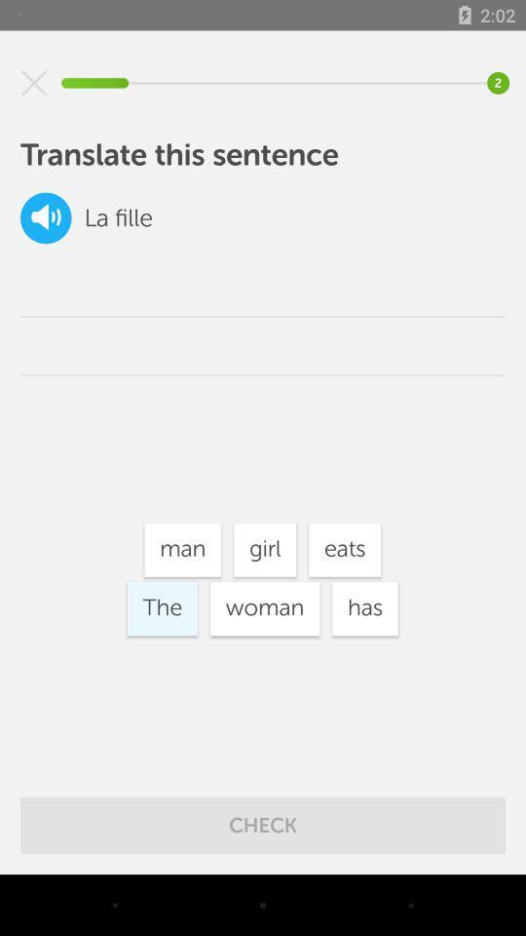  I want to click on check icon, so click(263, 824).